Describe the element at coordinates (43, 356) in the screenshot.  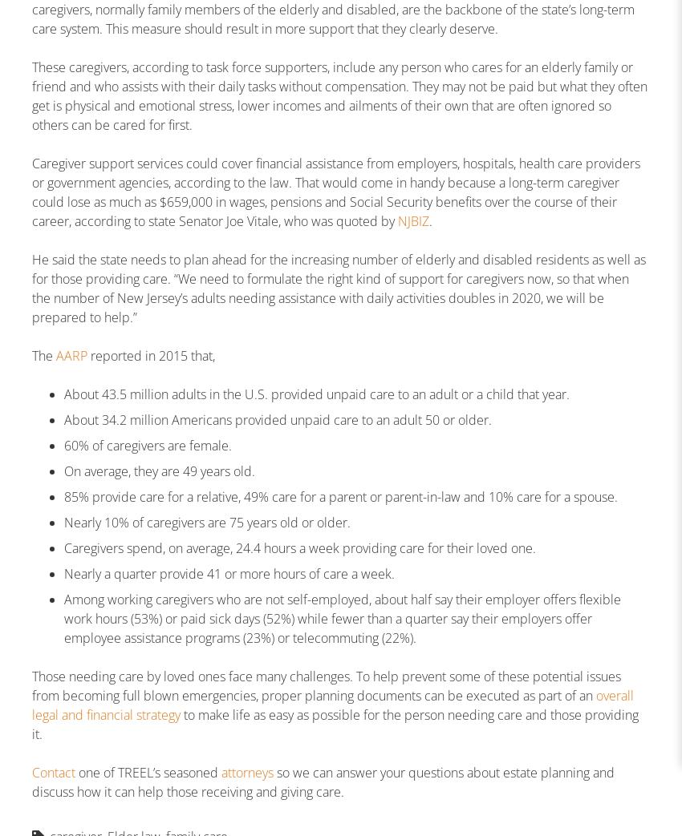
I see `'The'` at that location.